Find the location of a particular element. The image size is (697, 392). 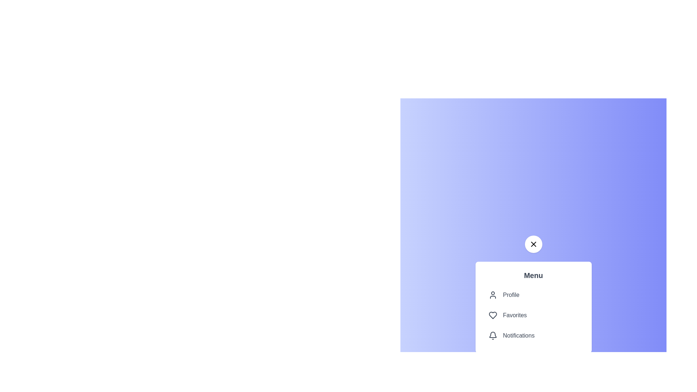

the menu option Notifications by clicking on it is located at coordinates (533, 336).